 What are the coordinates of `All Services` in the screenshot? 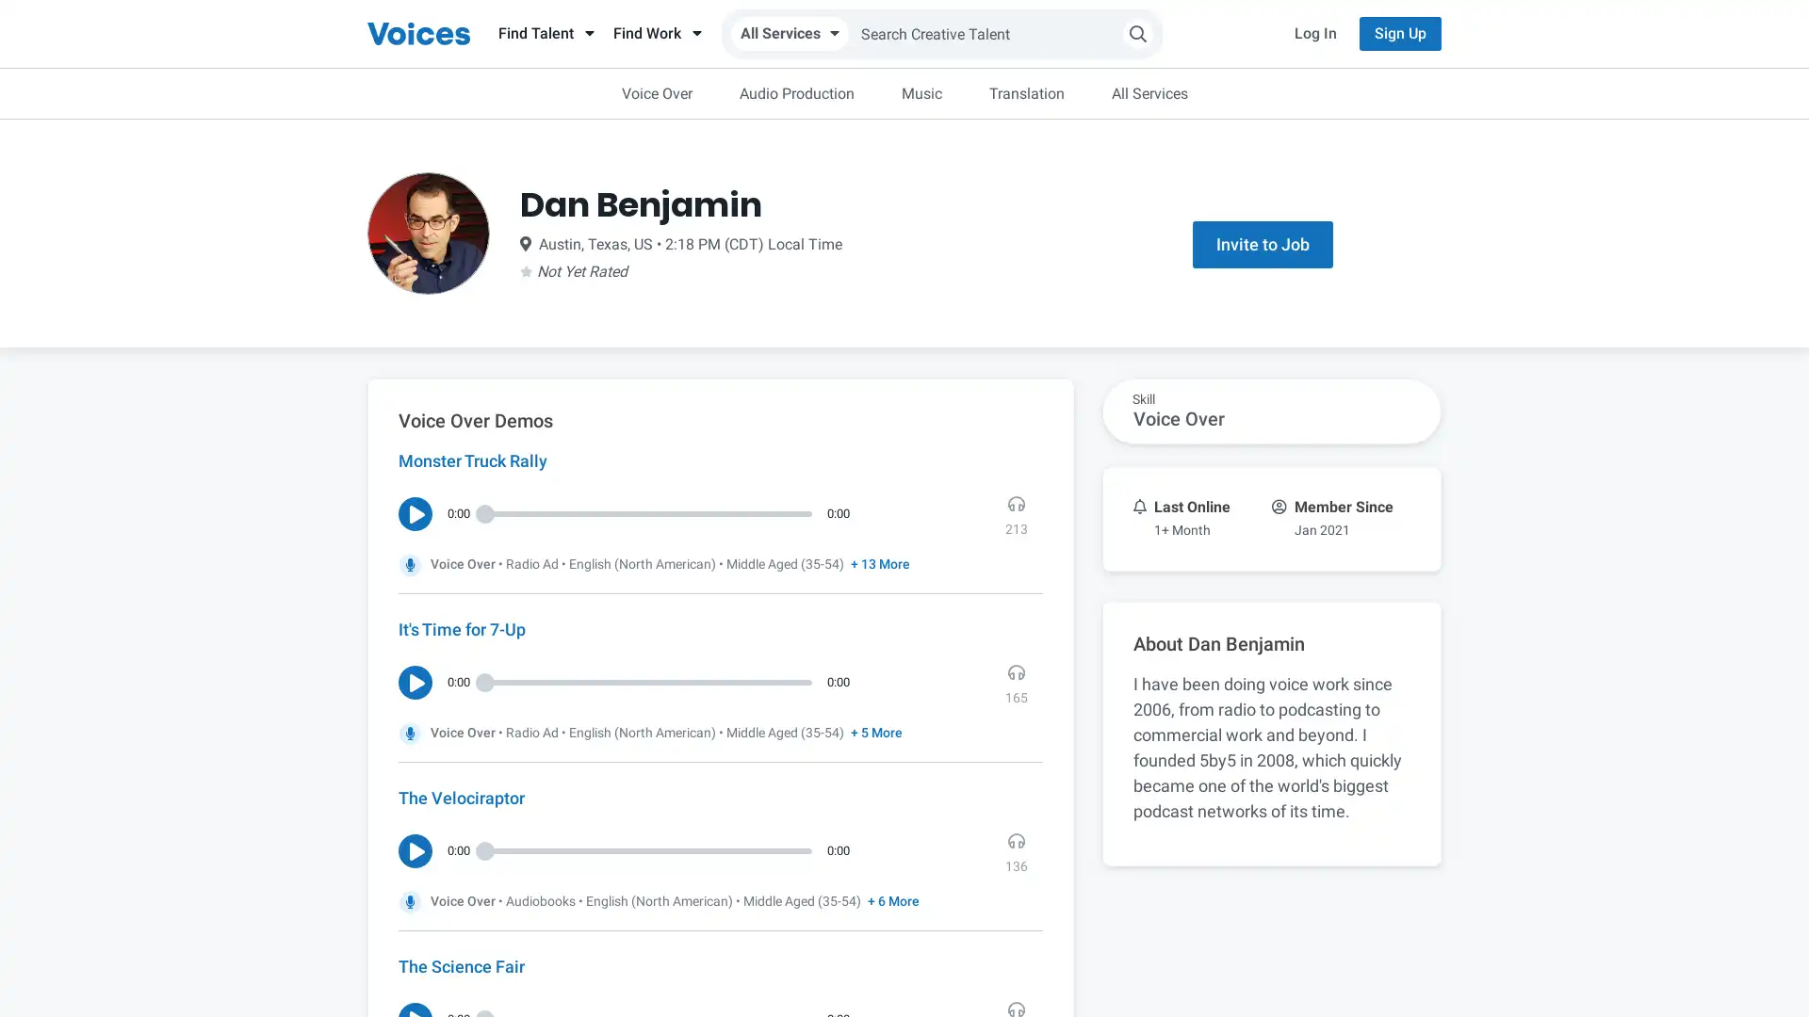 It's located at (790, 33).